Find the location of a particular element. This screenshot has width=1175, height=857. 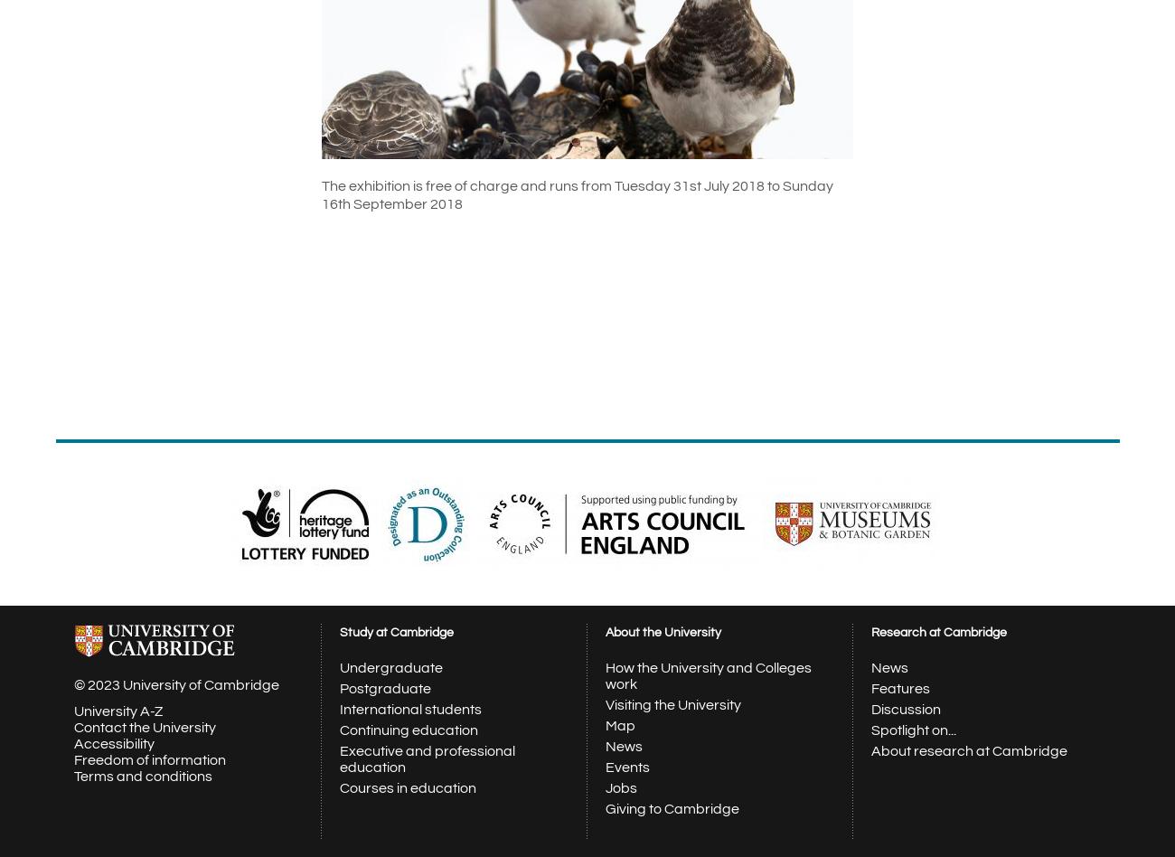

'University A-Z' is located at coordinates (117, 711).